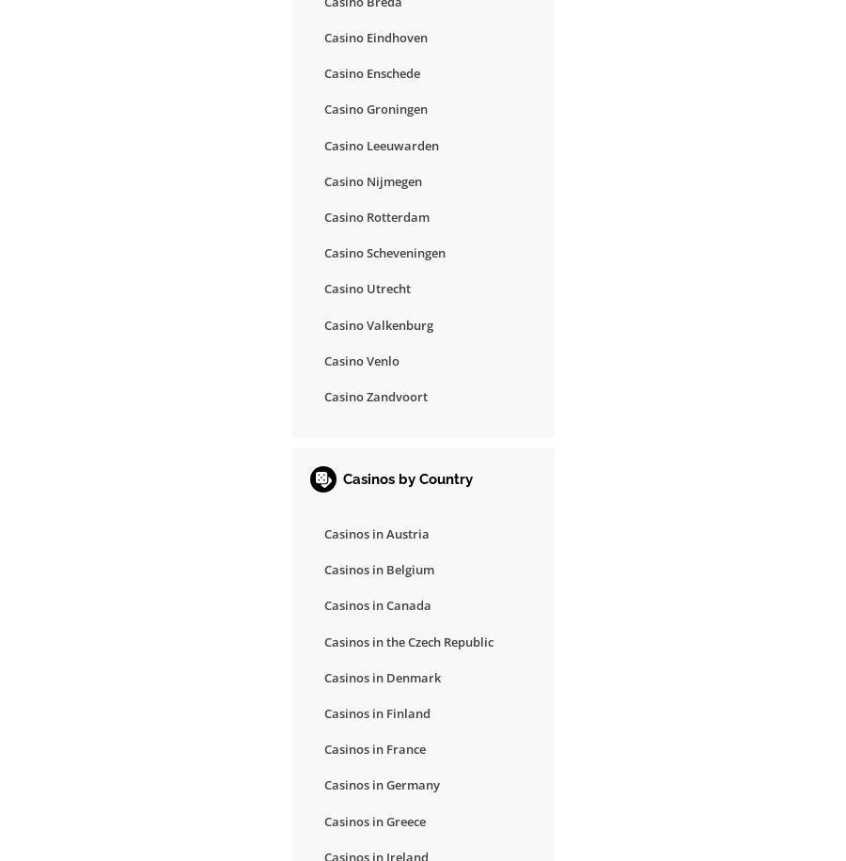 The image size is (846, 861). What do you see at coordinates (377, 533) in the screenshot?
I see `'Casinos in Austria'` at bounding box center [377, 533].